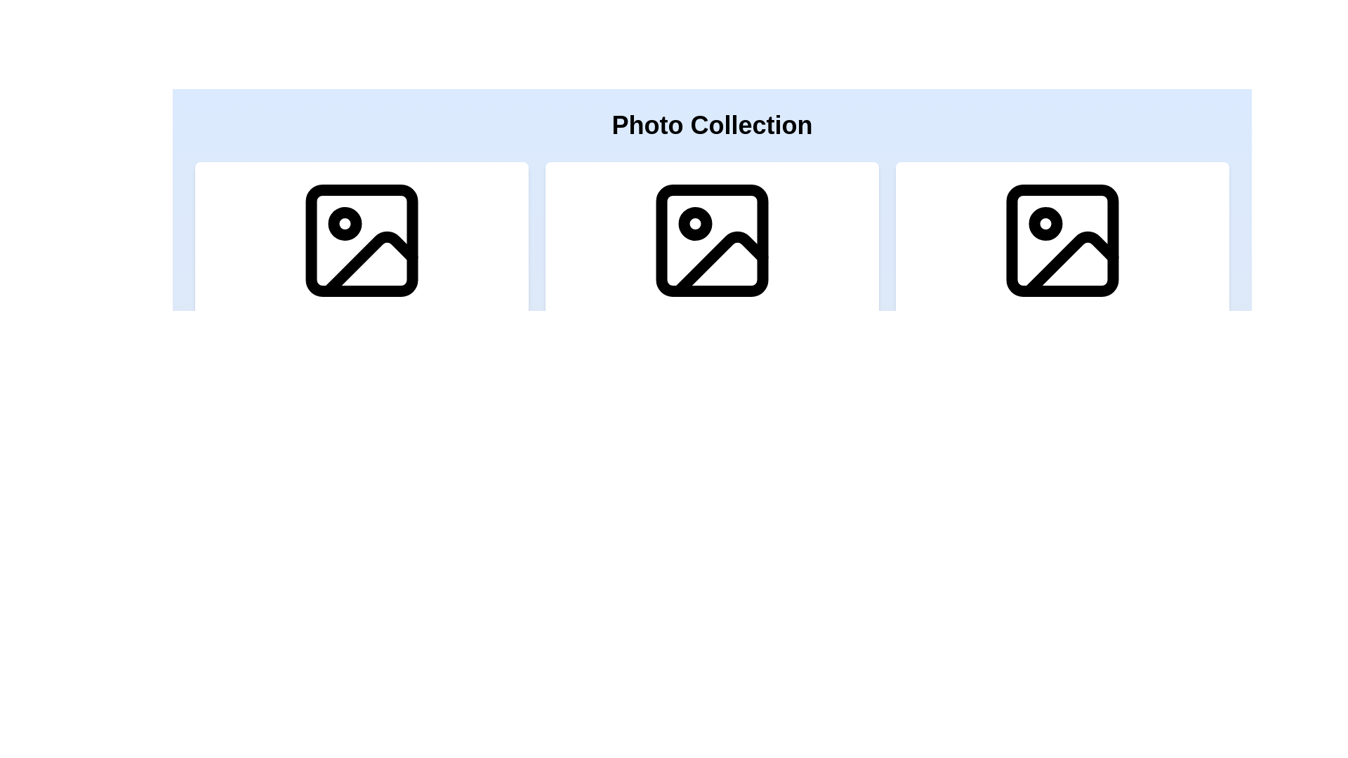 This screenshot has height=758, width=1348. What do you see at coordinates (1062, 267) in the screenshot?
I see `the third card` at bounding box center [1062, 267].